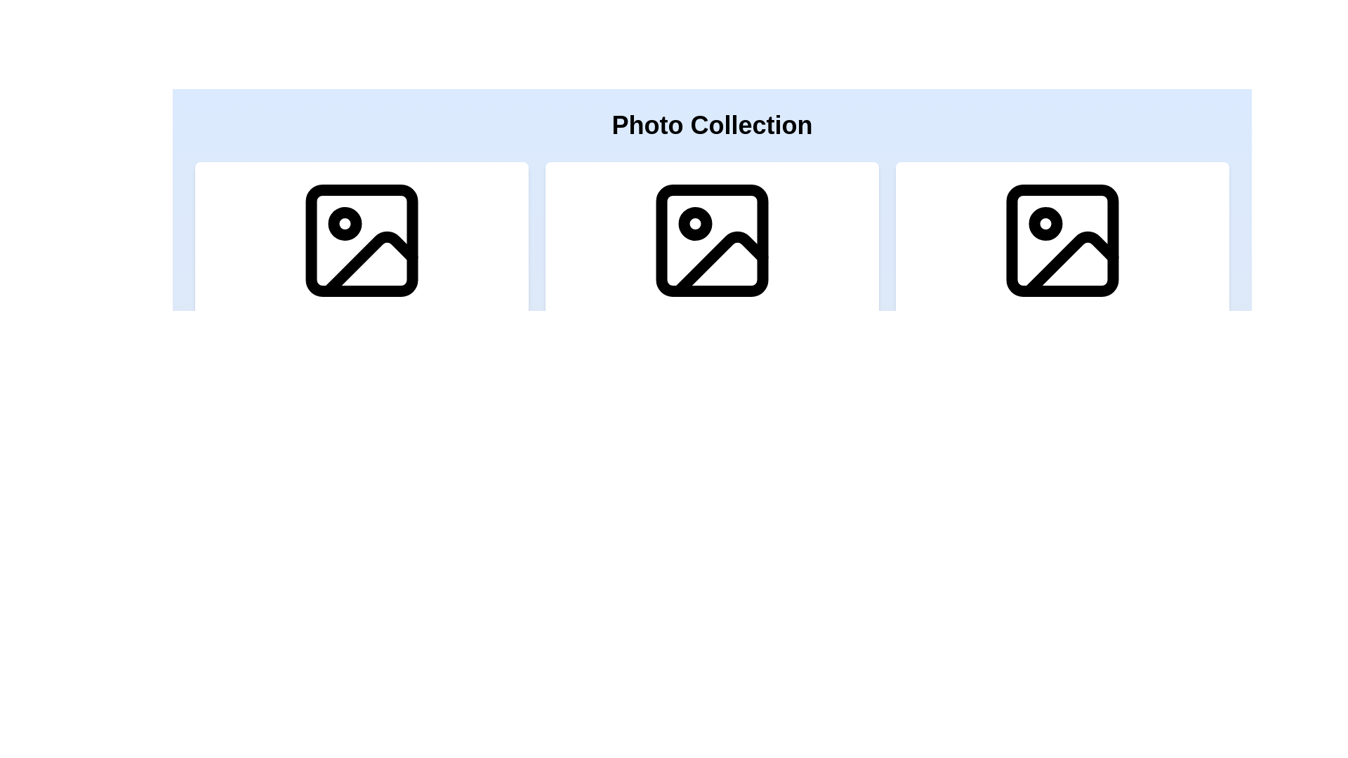 This screenshot has height=758, width=1348. What do you see at coordinates (1062, 267) in the screenshot?
I see `the third card` at bounding box center [1062, 267].